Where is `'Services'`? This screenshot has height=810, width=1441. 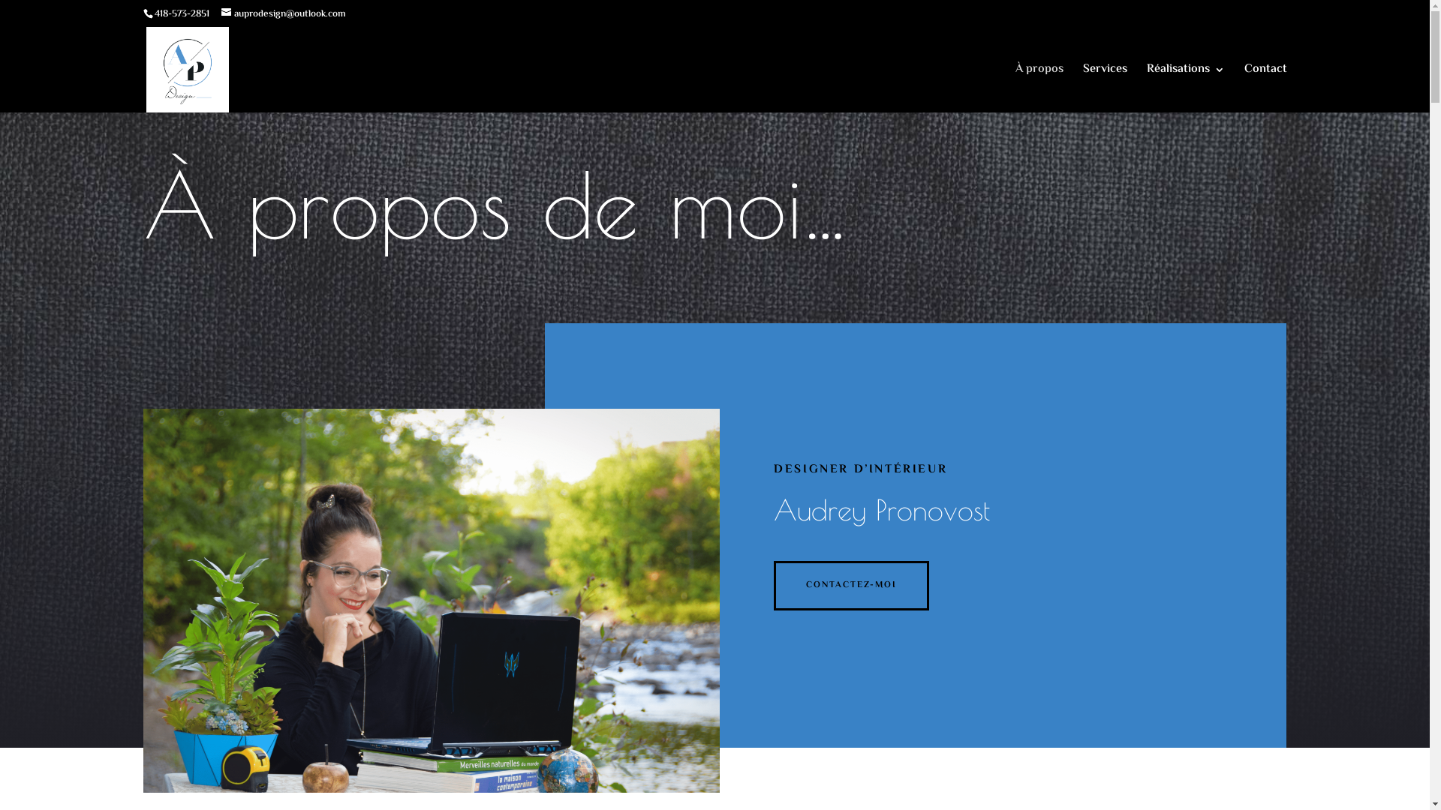
'Services' is located at coordinates (1104, 88).